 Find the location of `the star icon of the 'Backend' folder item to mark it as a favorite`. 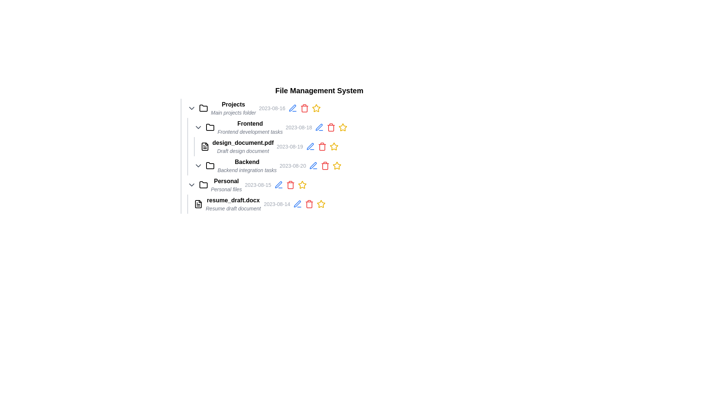

the star icon of the 'Backend' folder item to mark it as a favorite is located at coordinates (325, 166).